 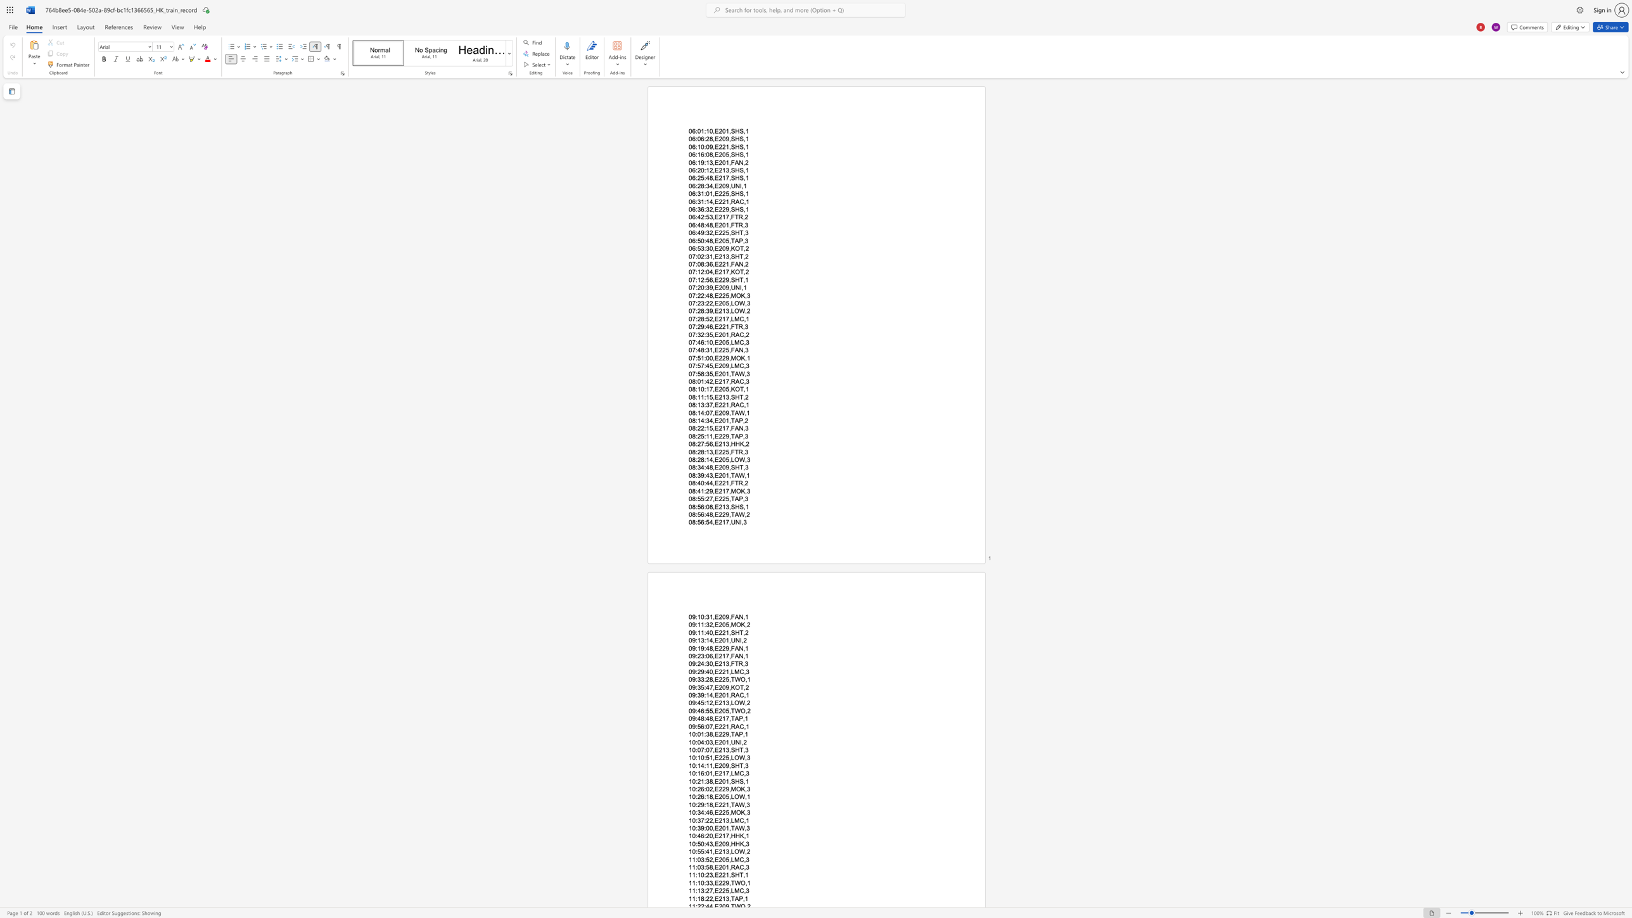 I want to click on the space between the continuous character "0" and "9" in the text, so click(x=692, y=702).